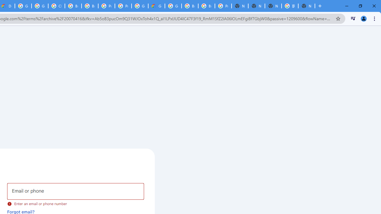 This screenshot has width=381, height=214. I want to click on 'Google Cloud Platform', so click(173, 6).